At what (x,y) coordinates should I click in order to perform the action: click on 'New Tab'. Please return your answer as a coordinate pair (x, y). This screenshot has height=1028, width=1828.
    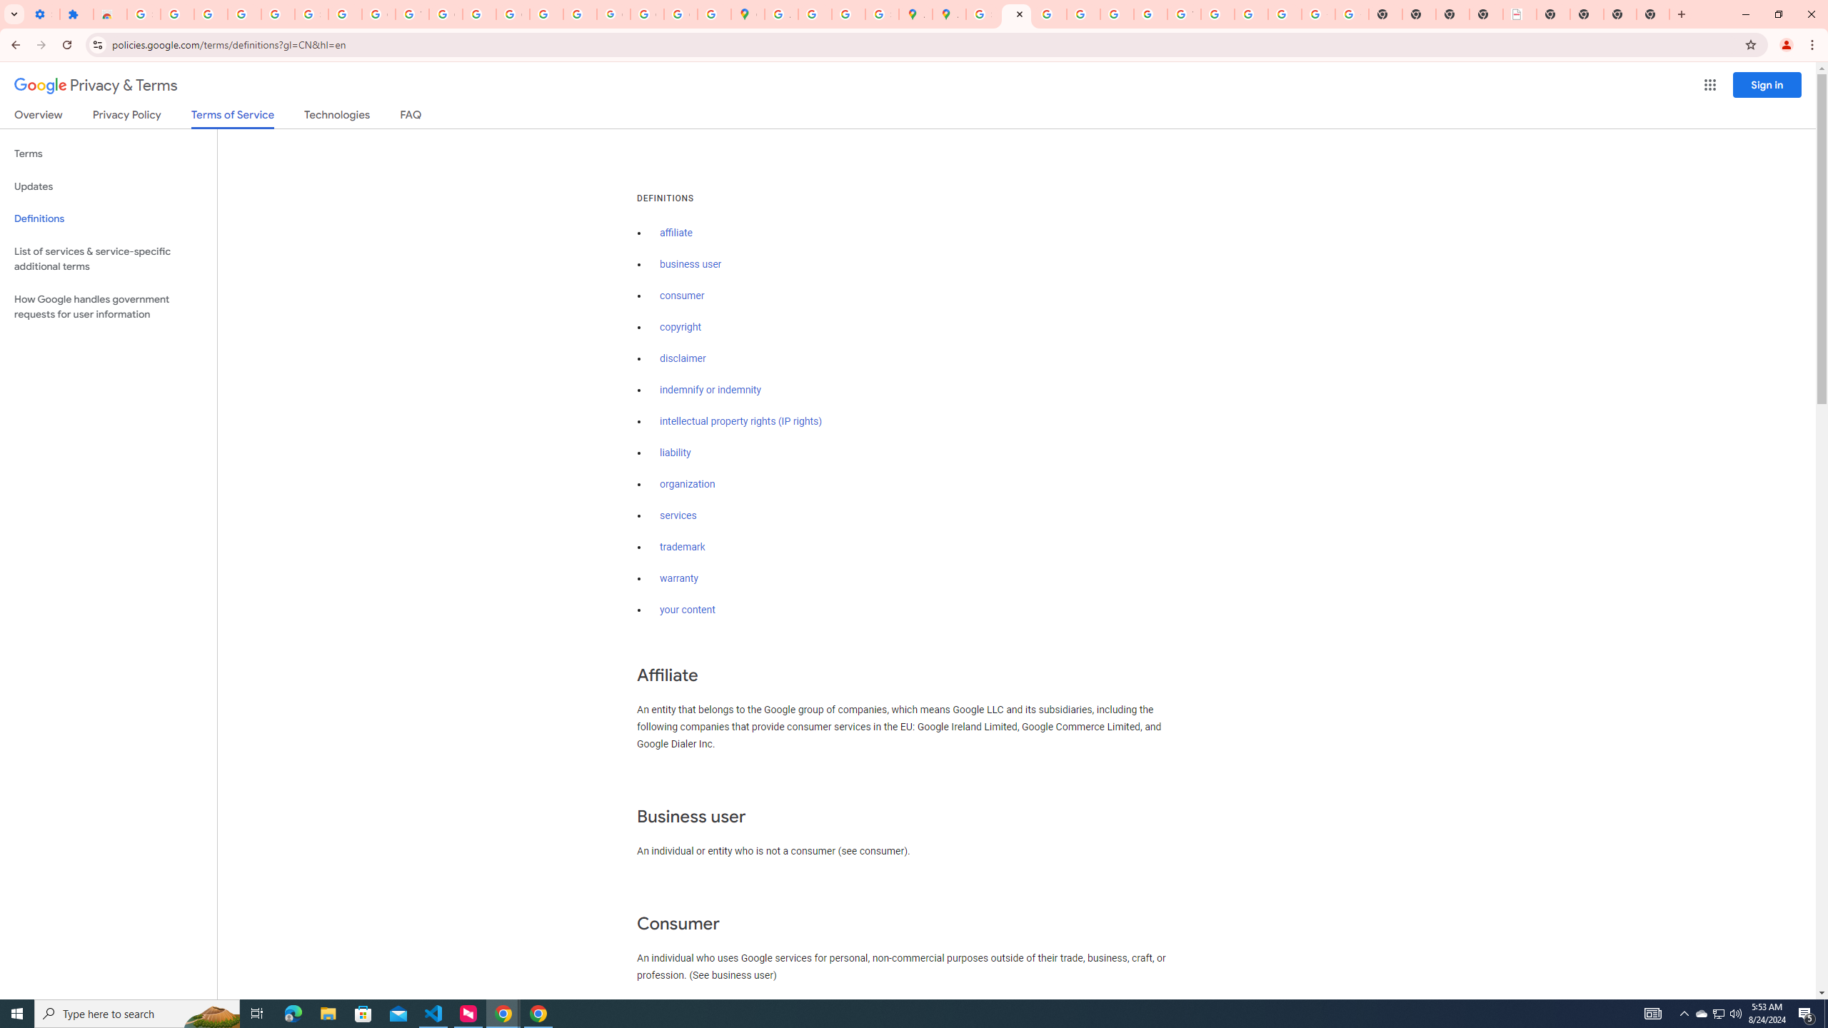
    Looking at the image, I should click on (1619, 14).